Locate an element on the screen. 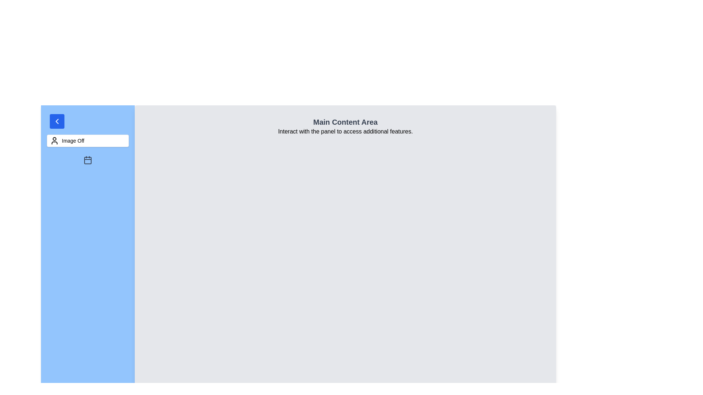 The width and height of the screenshot is (703, 395). the calendar icon, which is a square outline with a double bar at the top and a grid-like division inside, located on the left vertical panel below the 'Image Off' label is located at coordinates (88, 160).